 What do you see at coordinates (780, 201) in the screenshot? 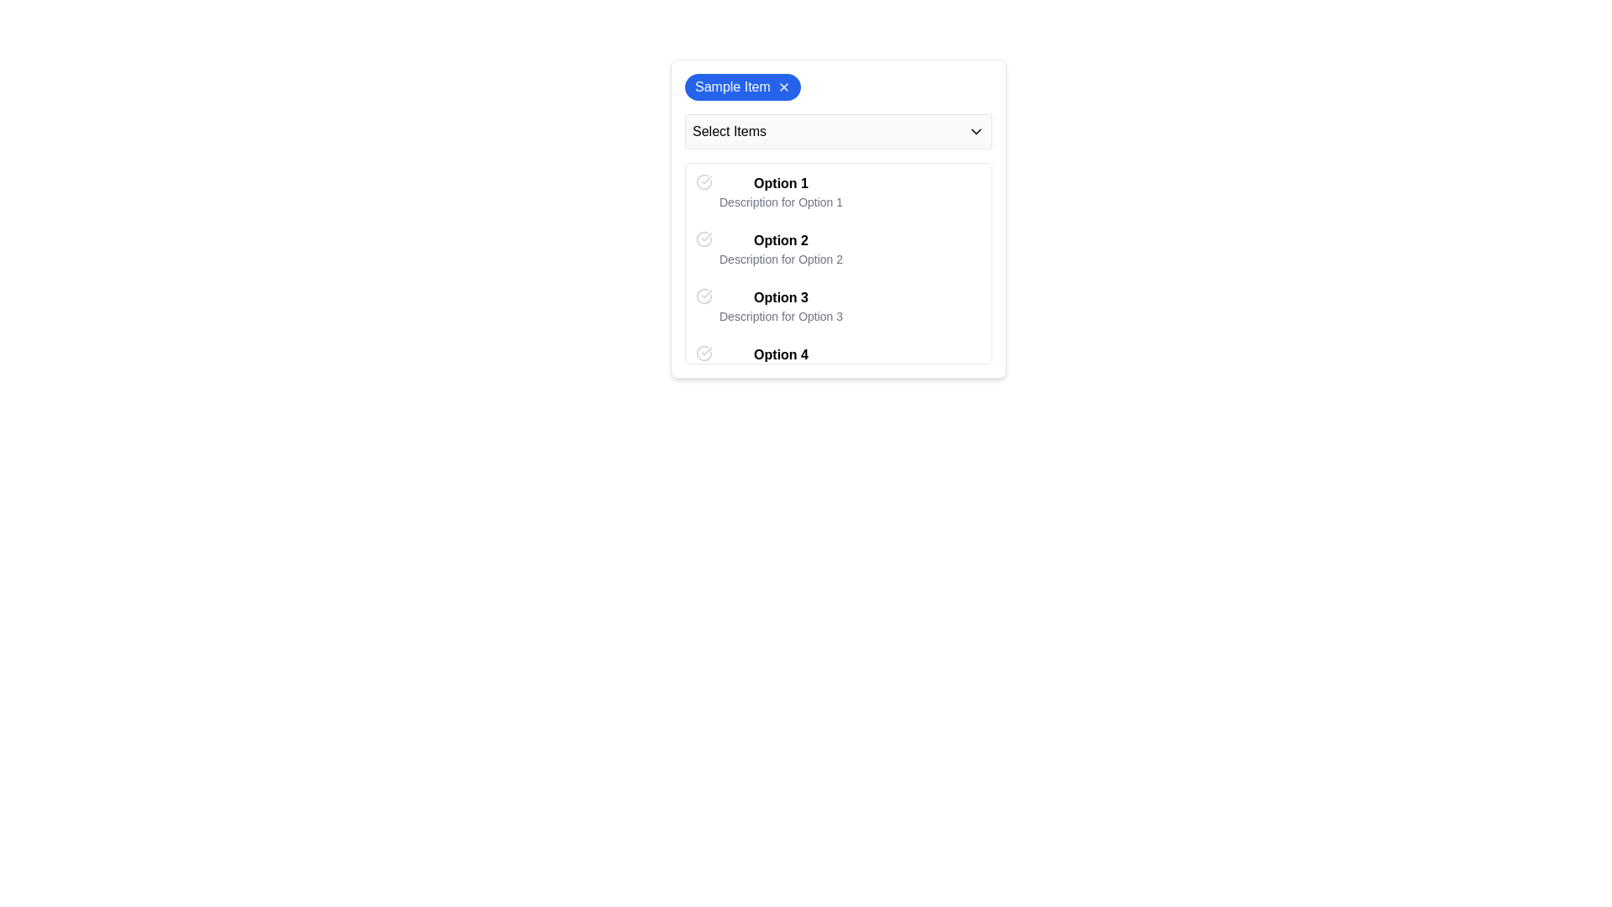
I see `the Static Text Label that displays 'Description for Option 1', which is positioned directly beneath 'Option 1' in a vertical list layout` at bounding box center [780, 201].